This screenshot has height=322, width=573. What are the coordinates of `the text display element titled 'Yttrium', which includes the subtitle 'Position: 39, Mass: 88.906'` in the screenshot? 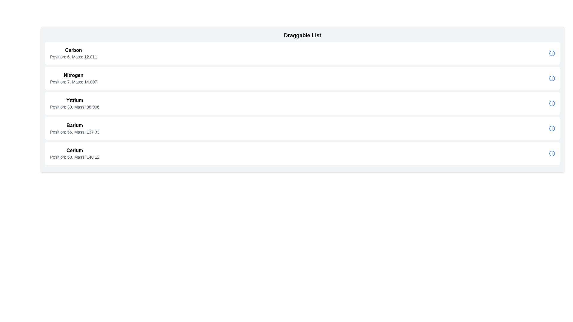 It's located at (74, 103).